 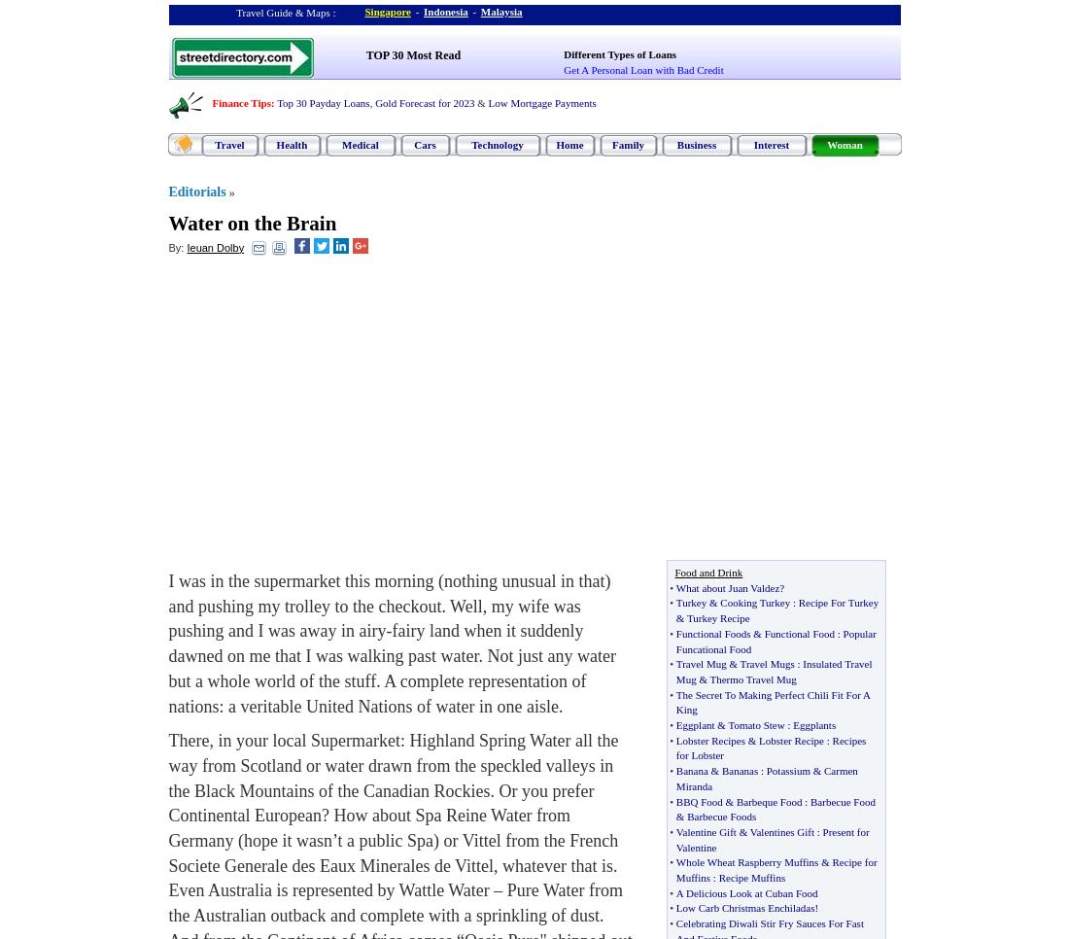 I want to click on 'Whole Wheat Raspberry Muffins', so click(x=746, y=861).